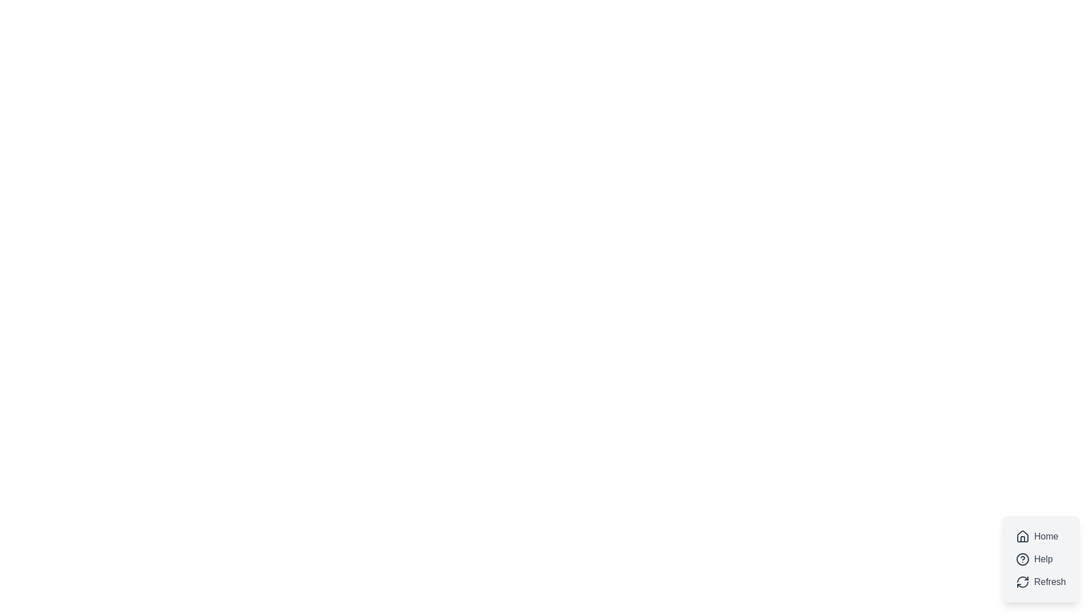 The height and width of the screenshot is (614, 1091). What do you see at coordinates (1023, 579) in the screenshot?
I see `the upper-left arc of the circular arrow within the 'Refresh' button, which is a static part of the refresh icon located at the bottom-right corner of the interface` at bounding box center [1023, 579].